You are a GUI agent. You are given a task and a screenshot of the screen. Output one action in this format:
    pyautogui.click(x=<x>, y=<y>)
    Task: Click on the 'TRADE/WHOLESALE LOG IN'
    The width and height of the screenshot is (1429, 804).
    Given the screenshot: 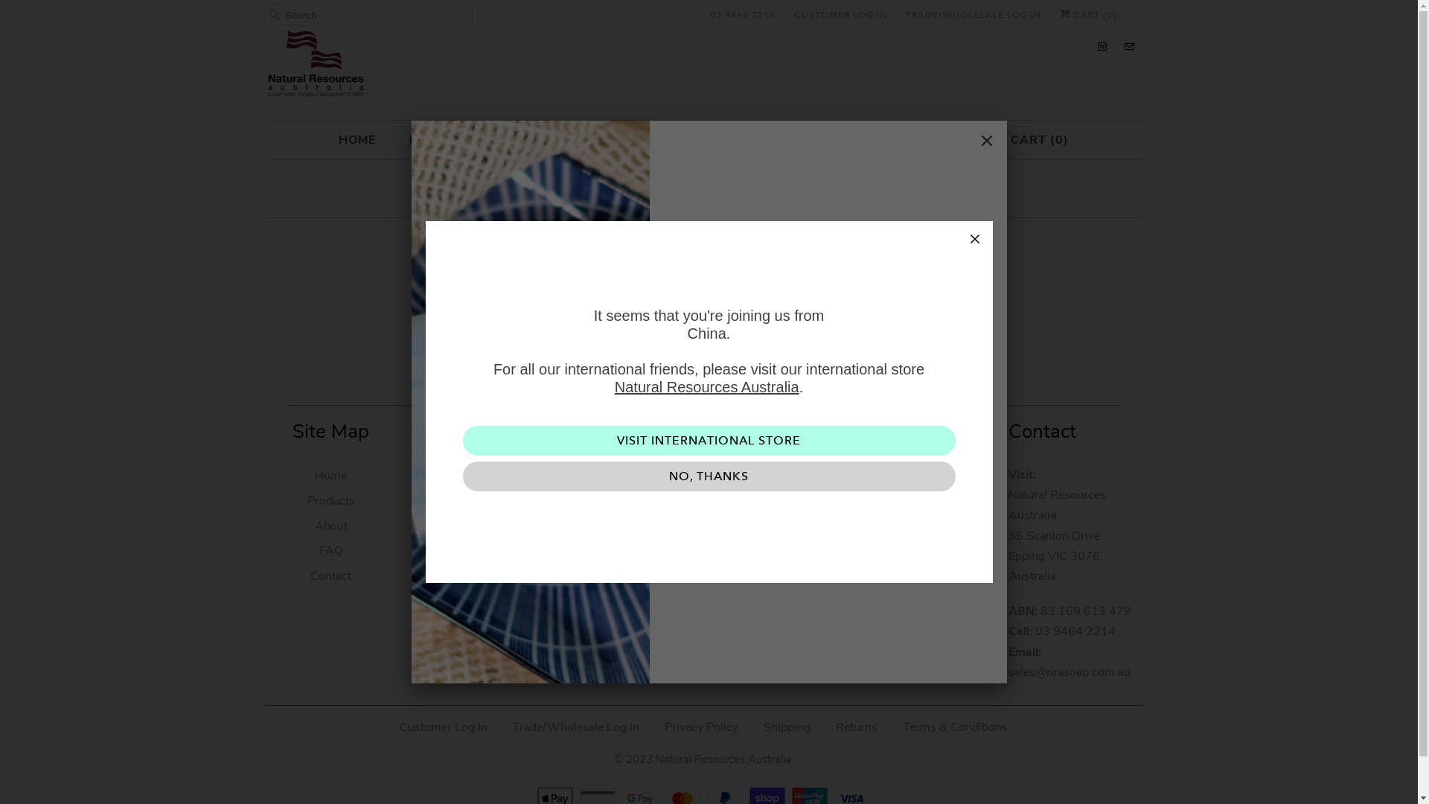 What is the action you would take?
    pyautogui.click(x=974, y=14)
    